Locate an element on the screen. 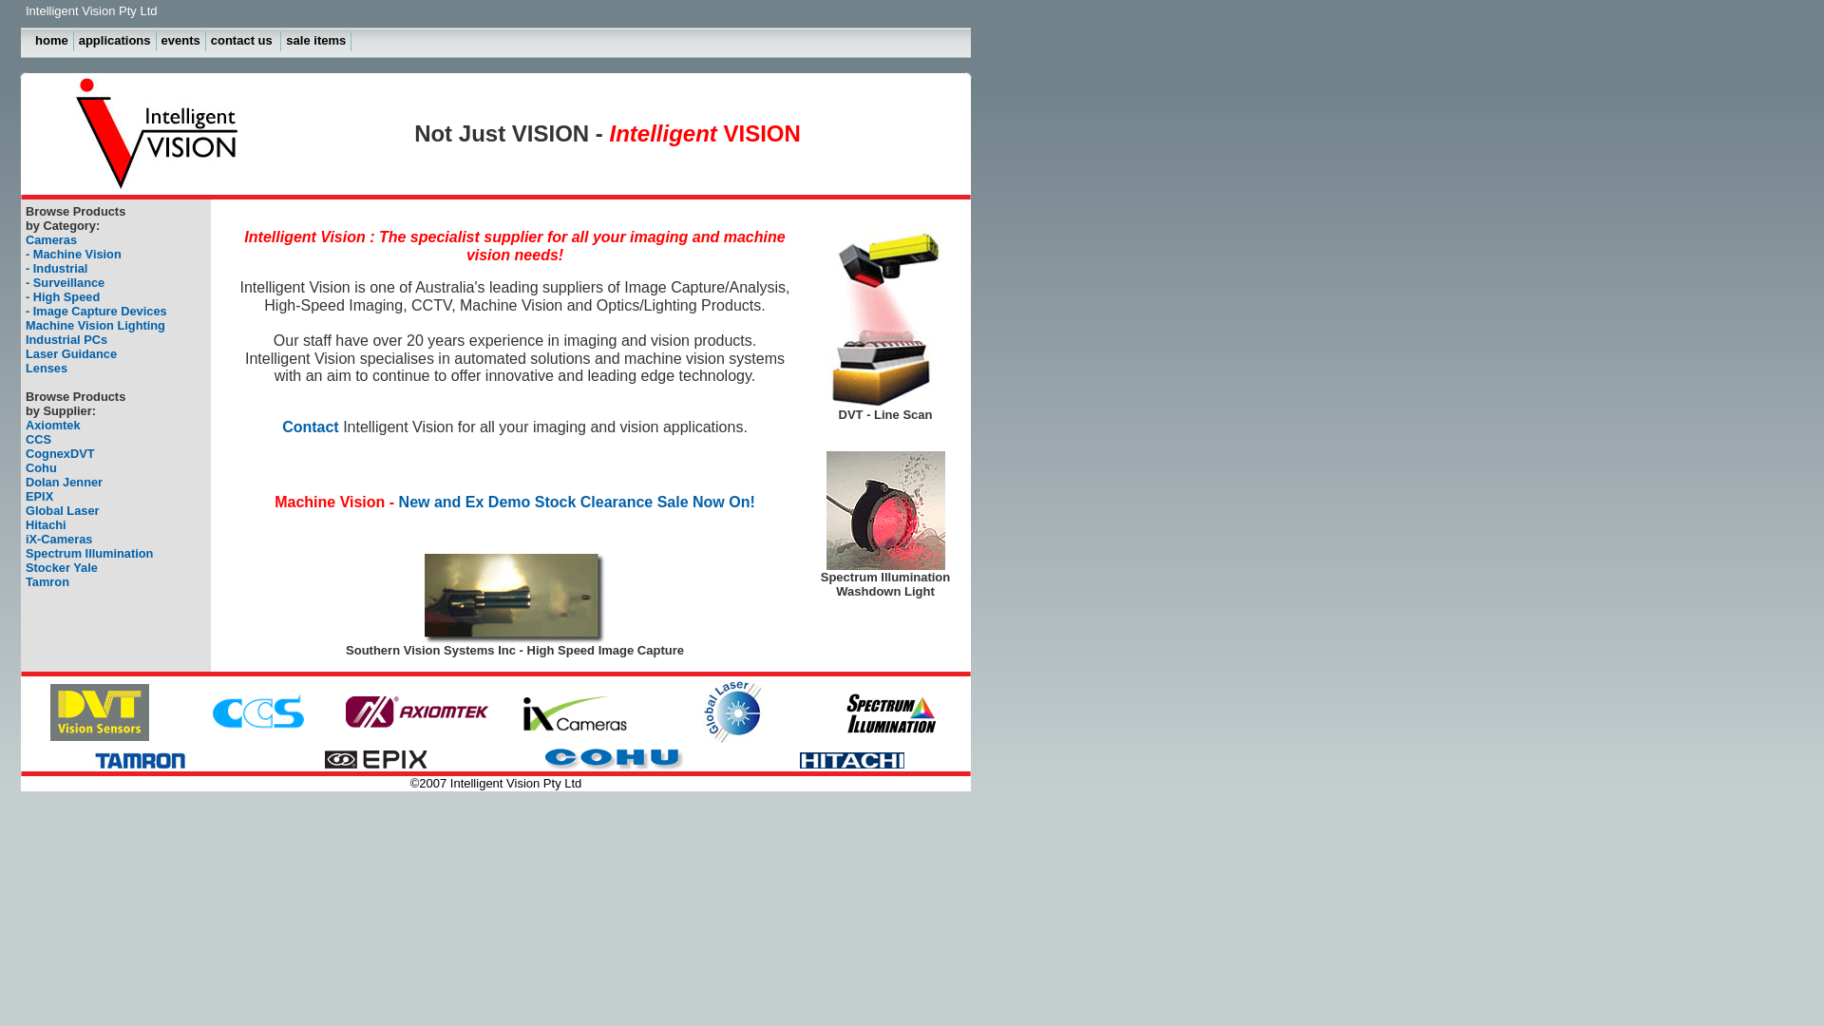 Image resolution: width=1824 pixels, height=1026 pixels. 'EPIX' is located at coordinates (26, 495).